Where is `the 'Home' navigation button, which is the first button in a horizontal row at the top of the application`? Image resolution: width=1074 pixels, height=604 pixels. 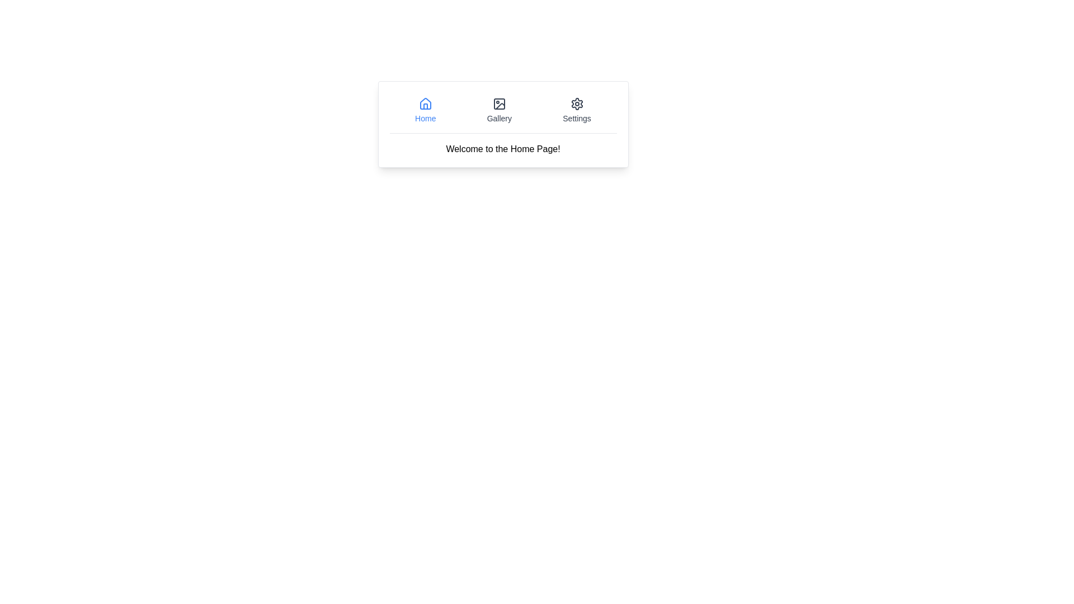
the 'Home' navigation button, which is the first button in a horizontal row at the top of the application is located at coordinates (425, 110).